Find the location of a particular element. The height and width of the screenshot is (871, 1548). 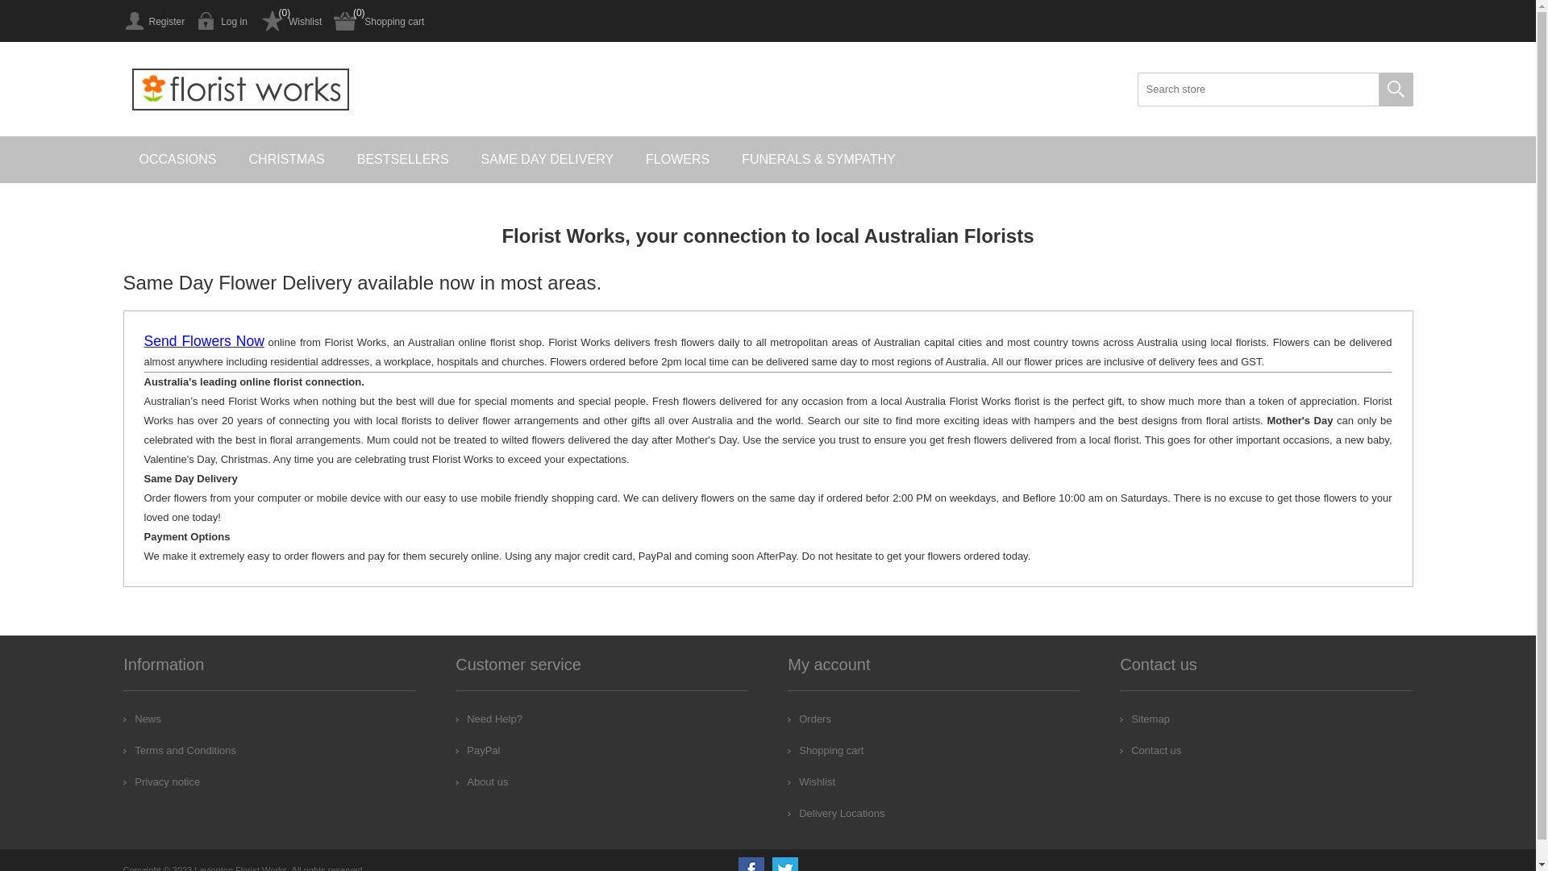

'Orders' is located at coordinates (809, 718).